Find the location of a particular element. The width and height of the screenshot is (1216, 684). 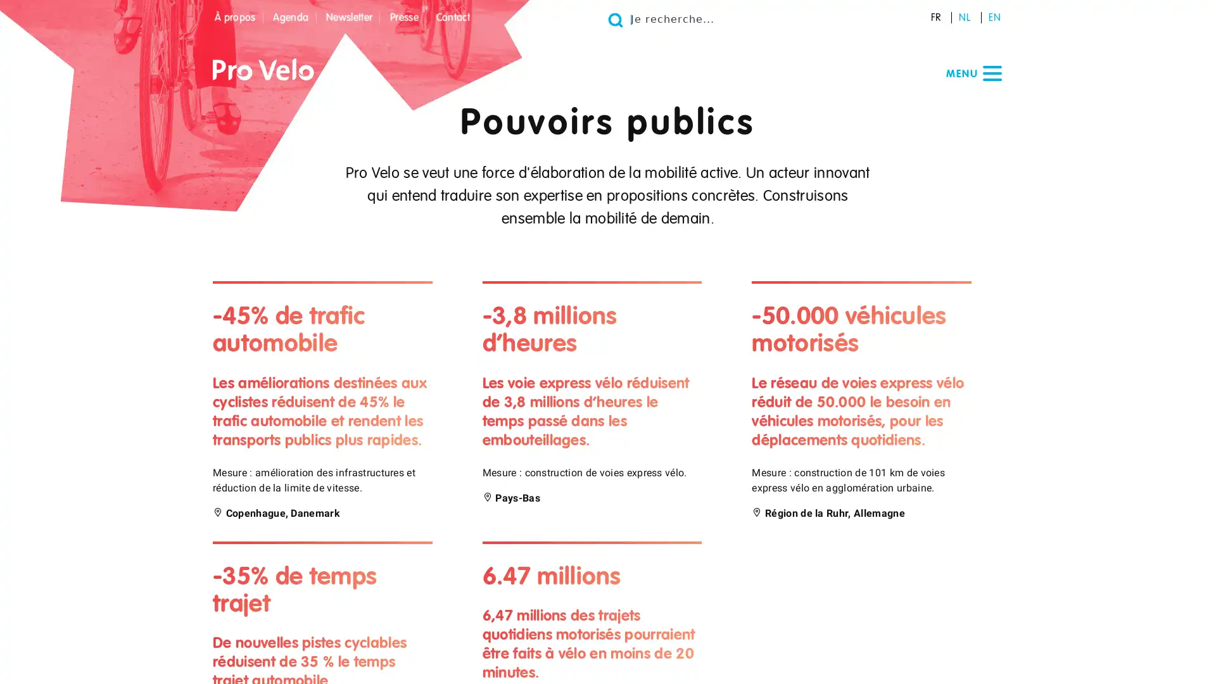

Go is located at coordinates (615, 19).